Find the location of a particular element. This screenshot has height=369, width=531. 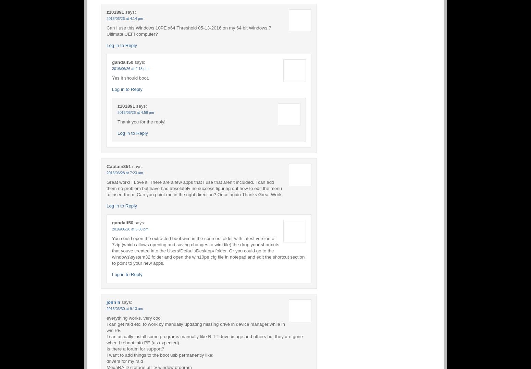

'drivers for my raid' is located at coordinates (124, 361).